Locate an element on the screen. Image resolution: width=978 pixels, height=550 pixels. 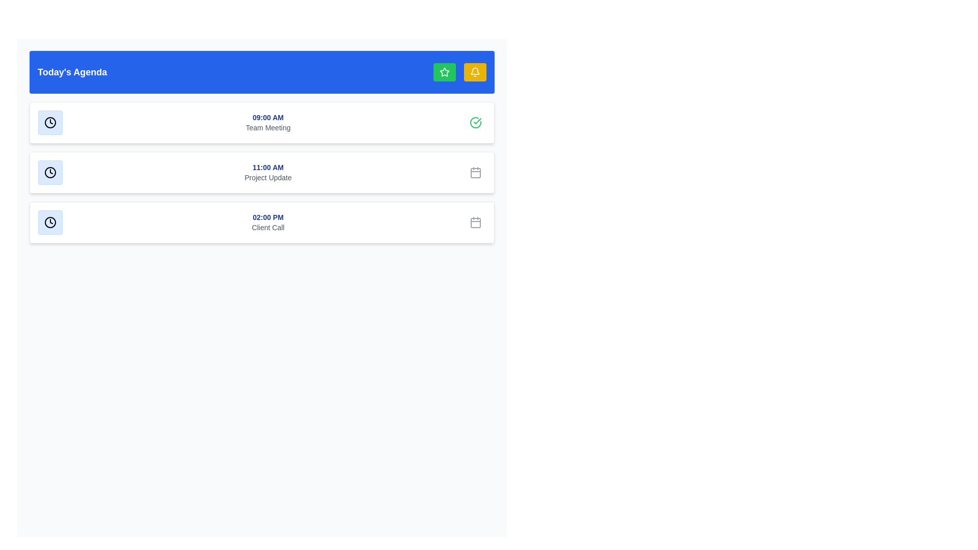
the SVG circle element that serves as the boundary of the clock icon associated with the agenda entry for '02:00 PM' and 'Client Call', located within the third agenda item is located at coordinates (50, 222).